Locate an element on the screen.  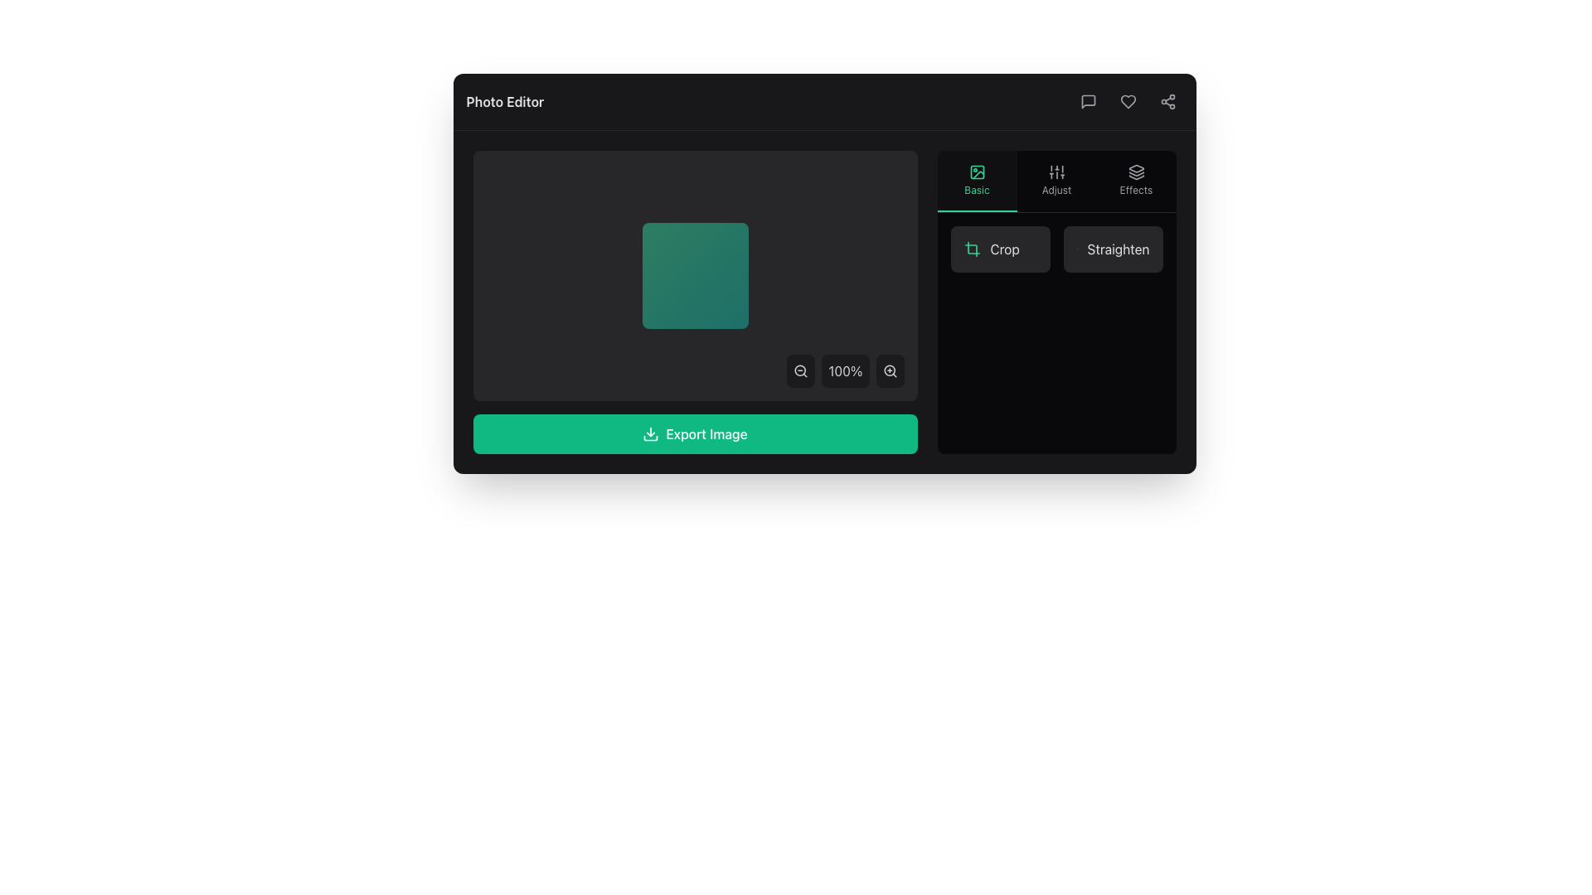
the third icon in the top-right corner of the application interface is located at coordinates (1167, 102).